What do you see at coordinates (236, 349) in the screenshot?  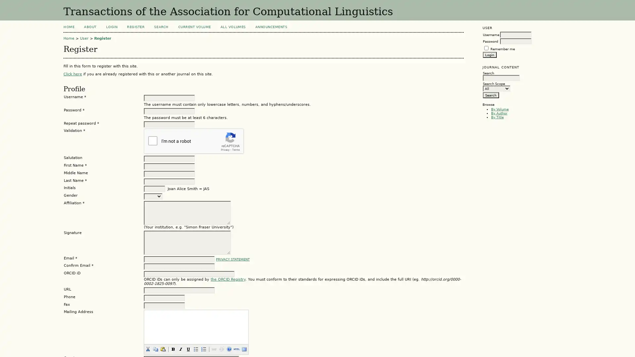 I see `Edit HTML Source` at bounding box center [236, 349].